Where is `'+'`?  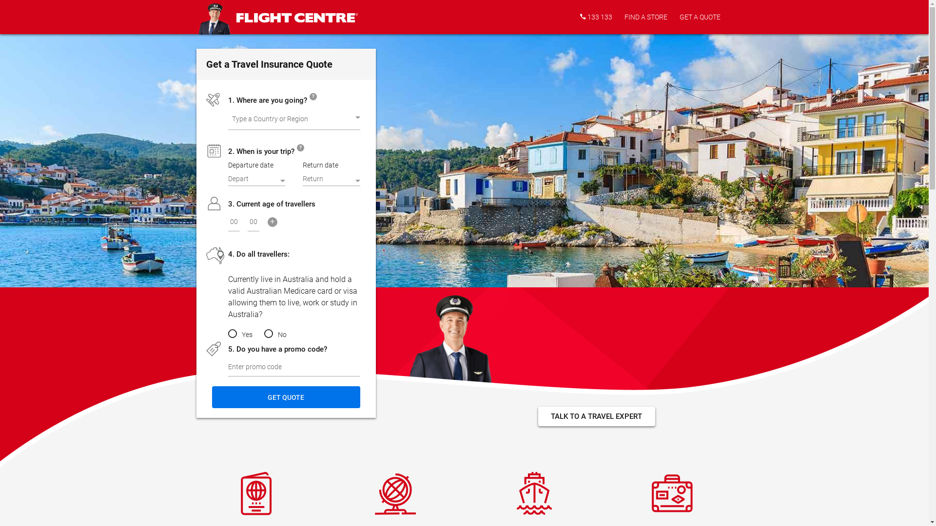
'+' is located at coordinates (272, 223).